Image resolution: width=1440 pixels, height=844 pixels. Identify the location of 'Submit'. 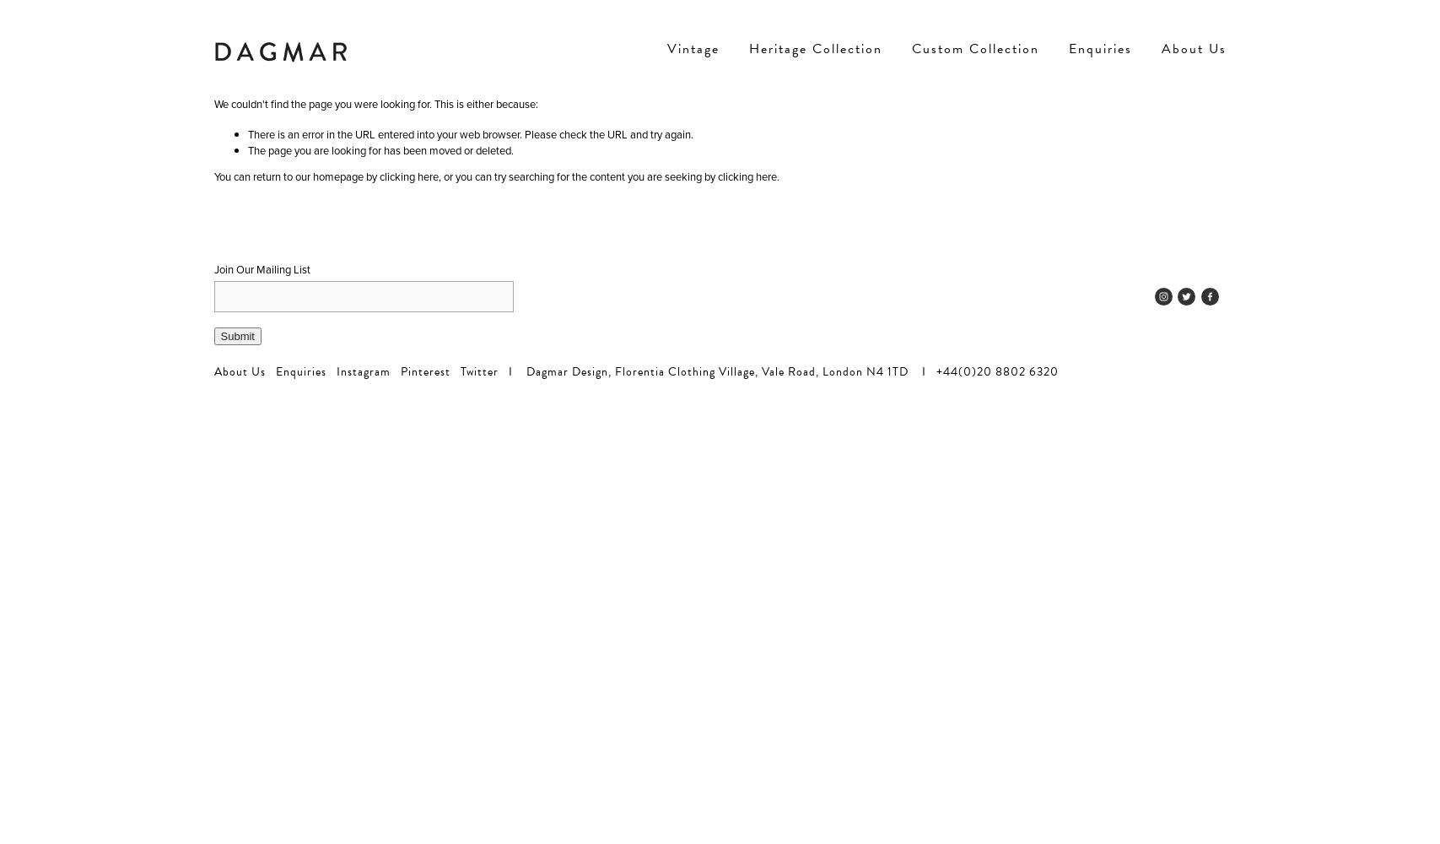
(220, 336).